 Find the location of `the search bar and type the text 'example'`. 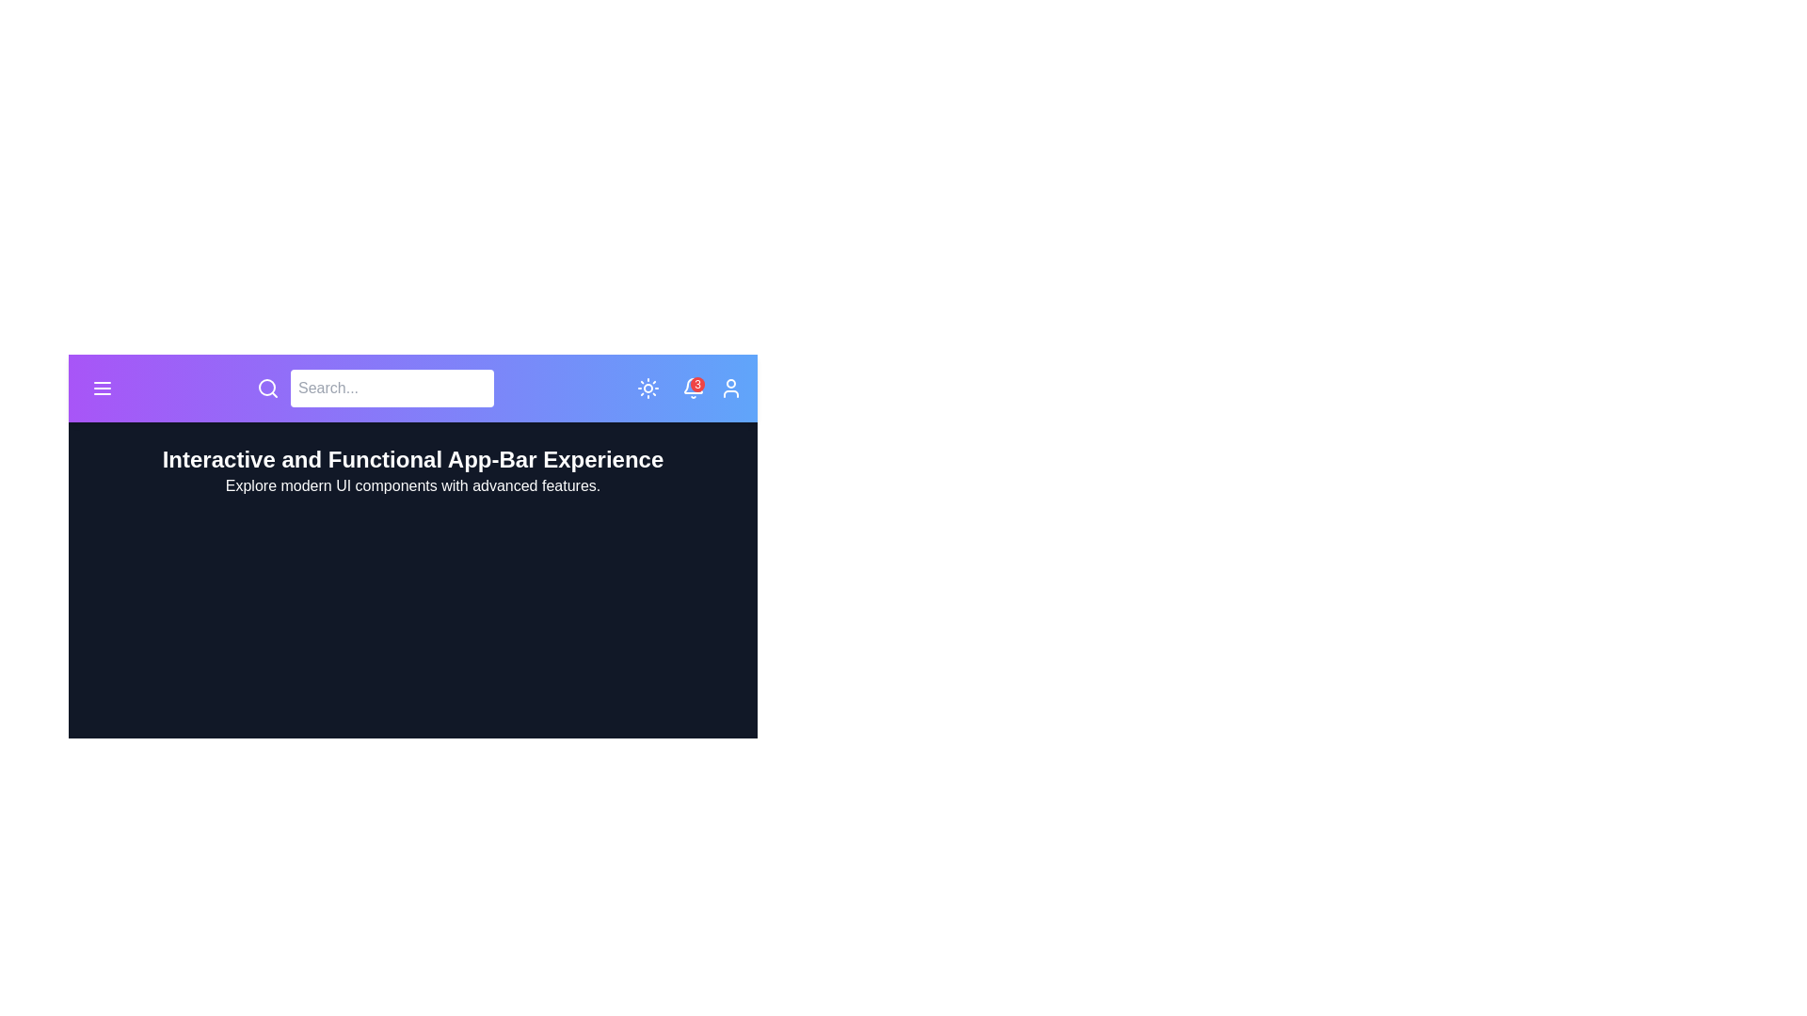

the search bar and type the text 'example' is located at coordinates (392, 387).